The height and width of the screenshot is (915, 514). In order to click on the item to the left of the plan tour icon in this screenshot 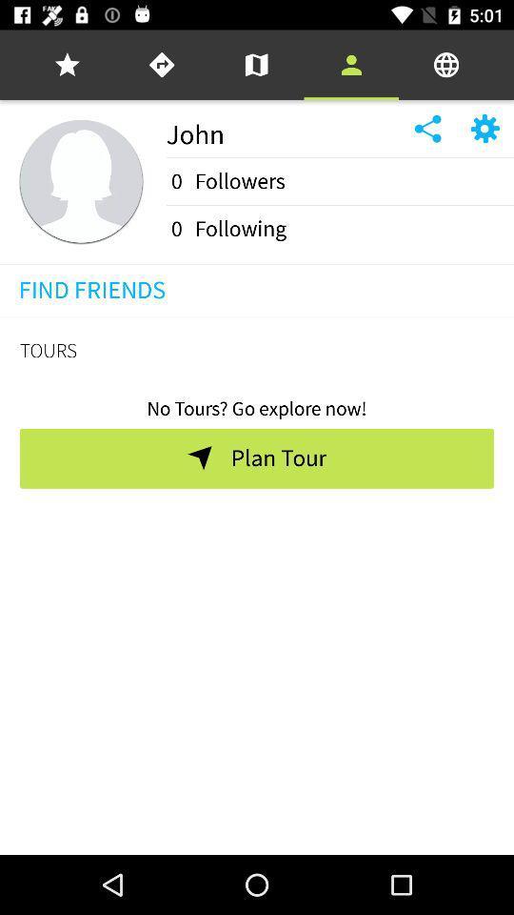, I will do `click(198, 457)`.